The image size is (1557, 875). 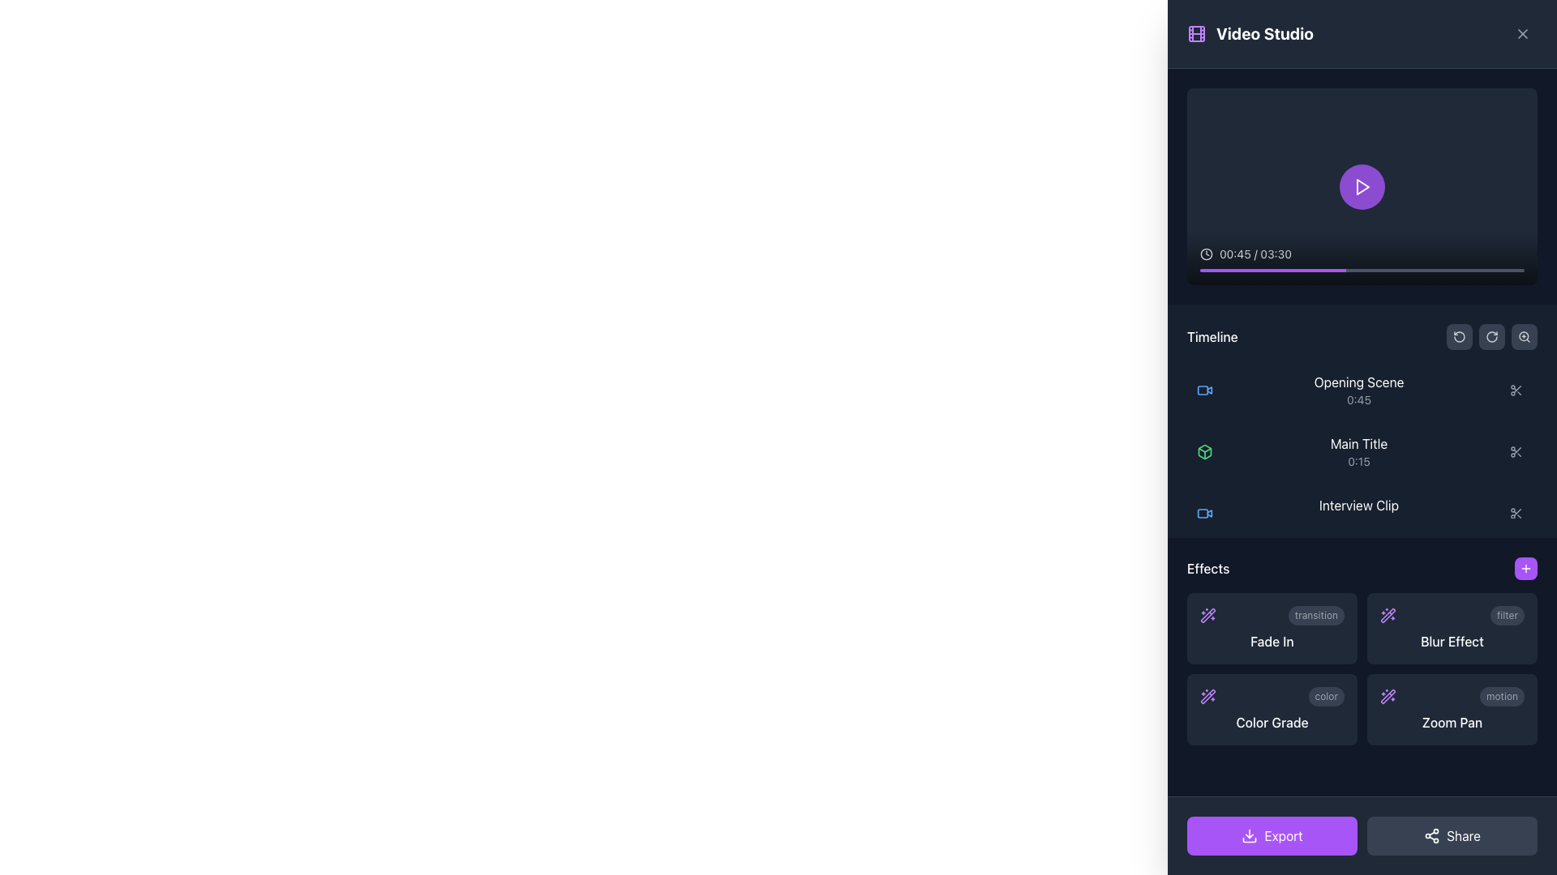 What do you see at coordinates (1358, 505) in the screenshot?
I see `the 'Interview Clip' text label styled in white within the Timeline section of the application, specifically located under the Main Title entry` at bounding box center [1358, 505].